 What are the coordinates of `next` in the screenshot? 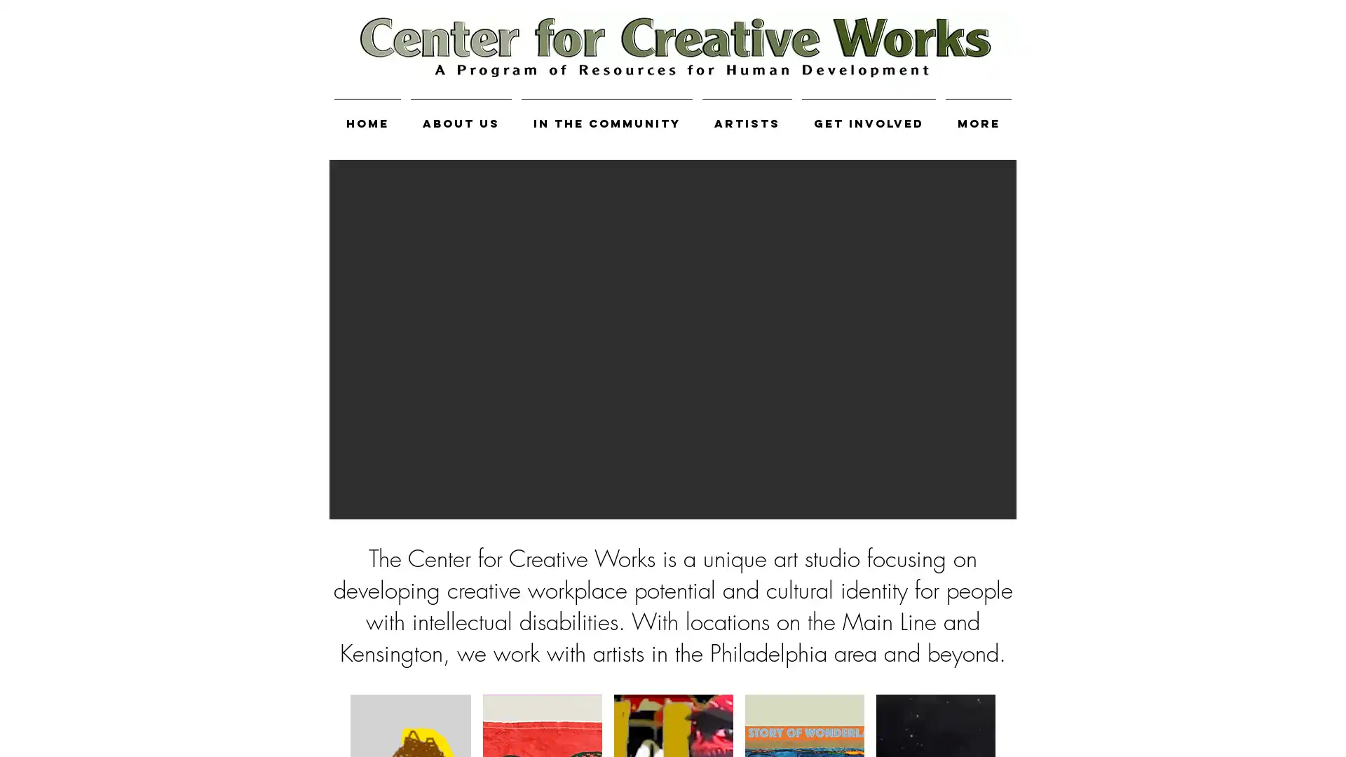 It's located at (986, 339).